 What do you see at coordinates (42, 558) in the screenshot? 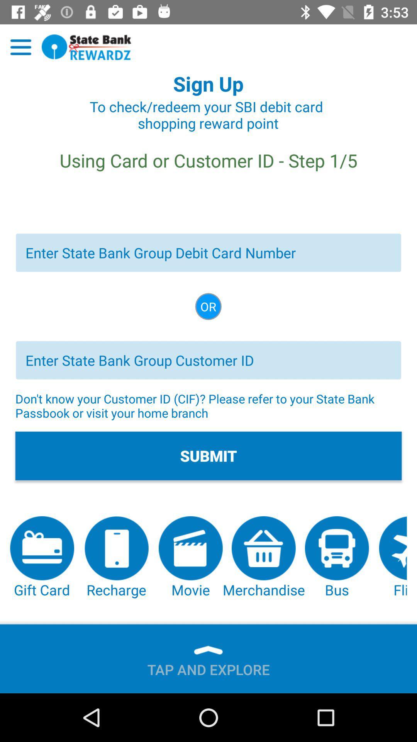
I see `the icon below submit item` at bounding box center [42, 558].